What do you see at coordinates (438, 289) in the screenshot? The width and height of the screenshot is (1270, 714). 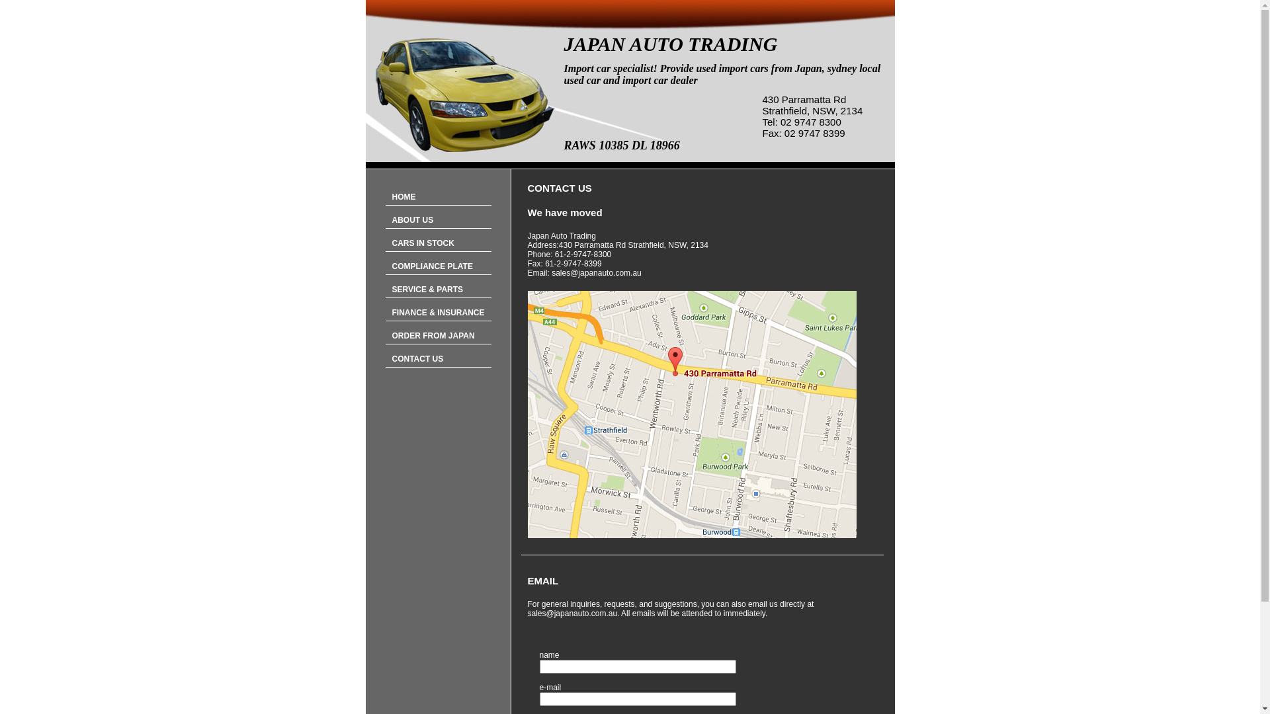 I see `'SERVICE & PARTS'` at bounding box center [438, 289].